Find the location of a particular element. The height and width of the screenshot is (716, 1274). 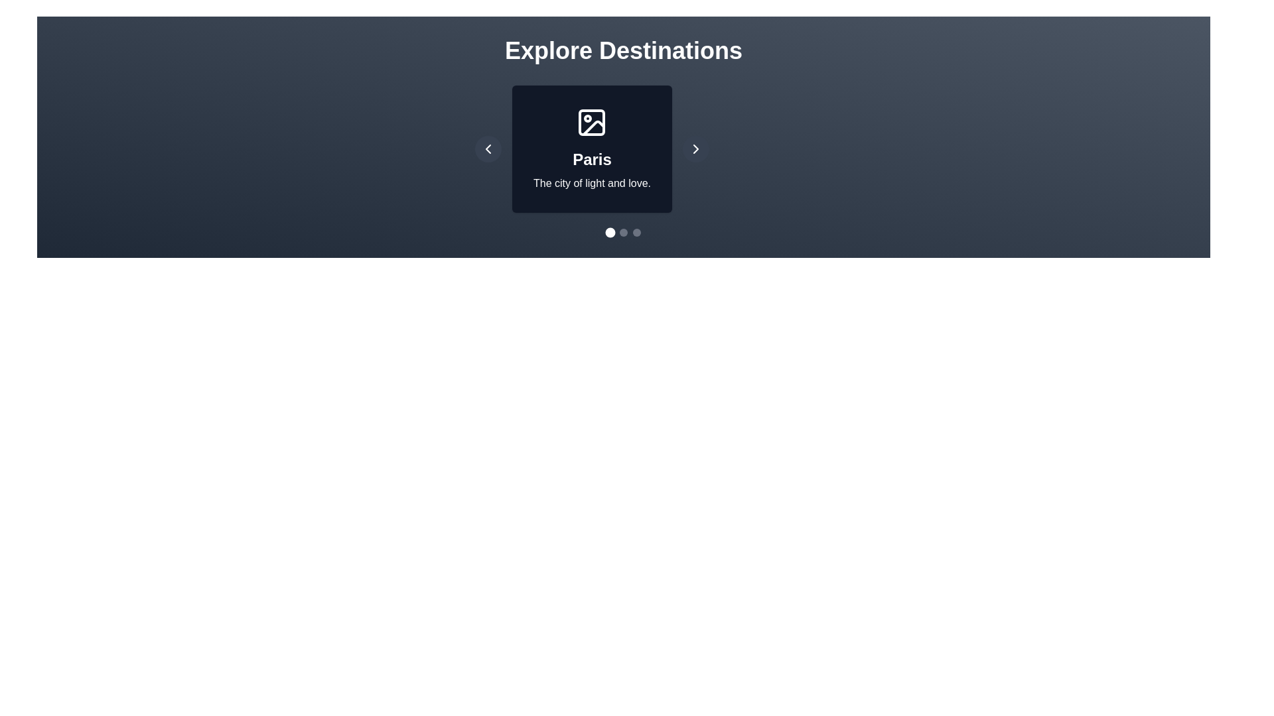

the dot corresponding to destination 2 is located at coordinates (637, 232).